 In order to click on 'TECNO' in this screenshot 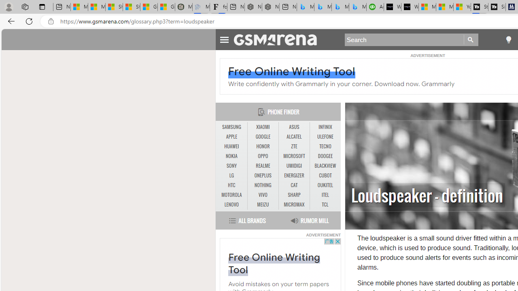, I will do `click(325, 146)`.